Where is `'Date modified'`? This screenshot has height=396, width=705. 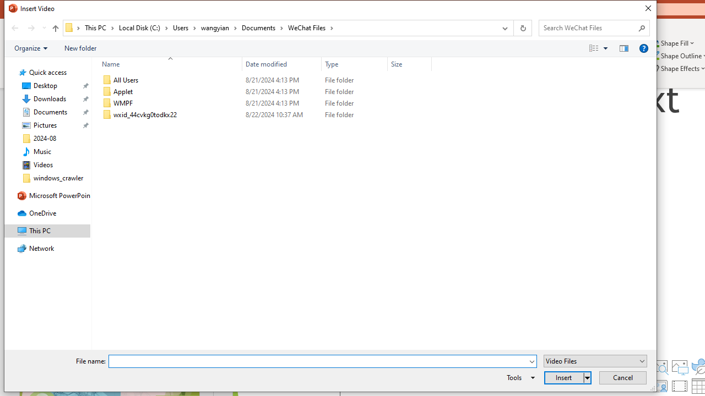
'Date modified' is located at coordinates (282, 64).